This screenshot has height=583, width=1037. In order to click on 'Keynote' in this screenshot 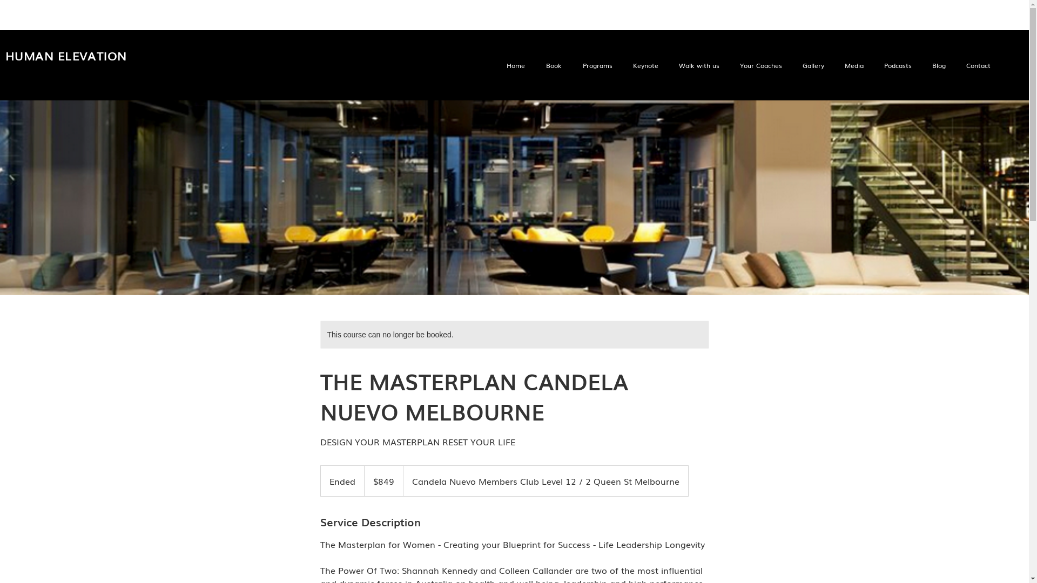, I will do `click(643, 65)`.